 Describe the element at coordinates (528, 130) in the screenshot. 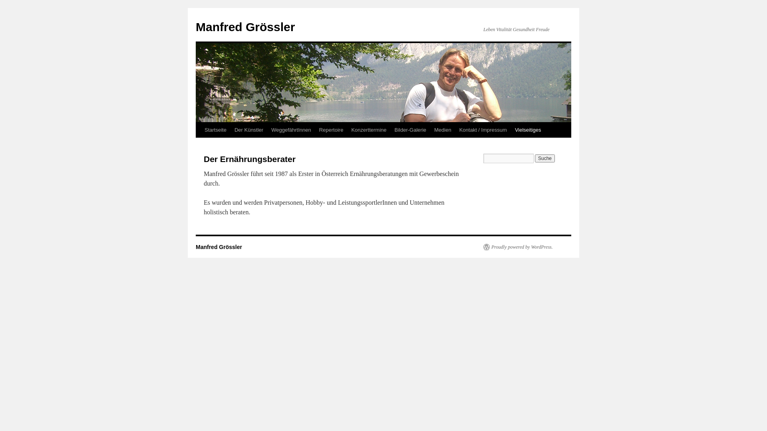

I see `'Vielseitiges'` at that location.